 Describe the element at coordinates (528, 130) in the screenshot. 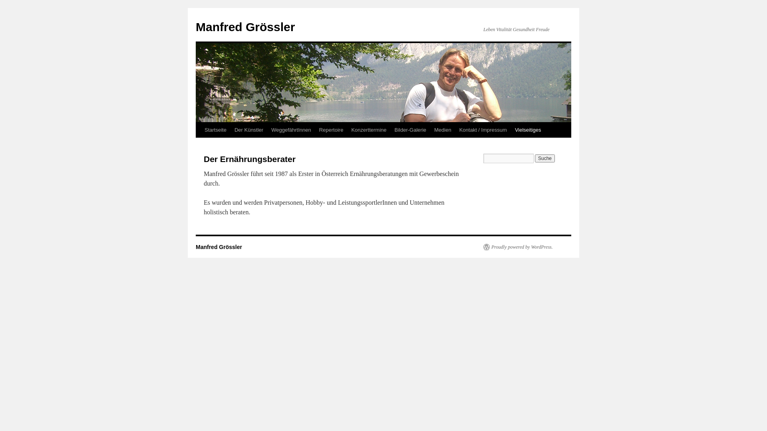

I see `'Vielseitiges'` at that location.